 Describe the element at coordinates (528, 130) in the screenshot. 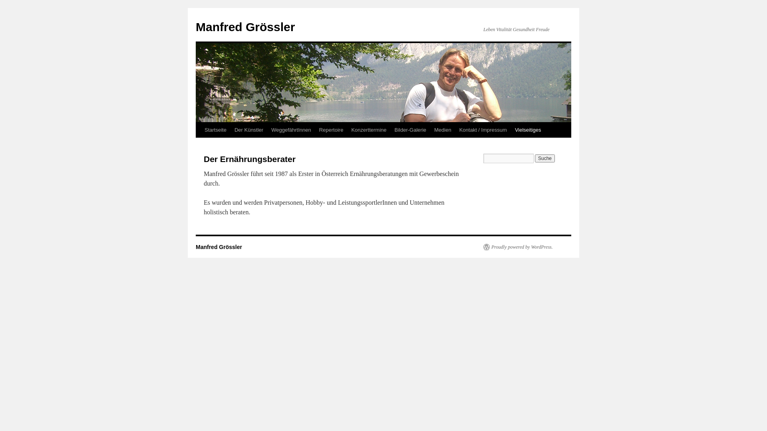

I see `'Vielseitiges'` at that location.